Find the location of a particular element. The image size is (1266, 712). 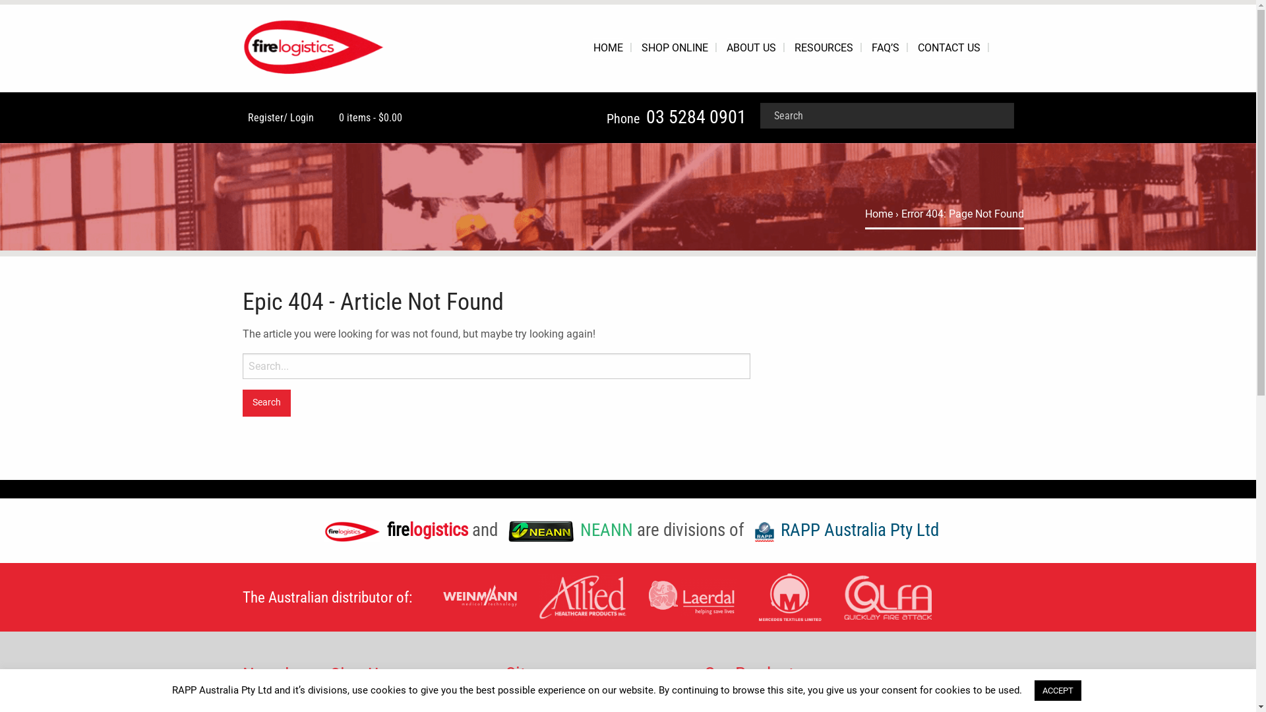

'Home' is located at coordinates (879, 213).